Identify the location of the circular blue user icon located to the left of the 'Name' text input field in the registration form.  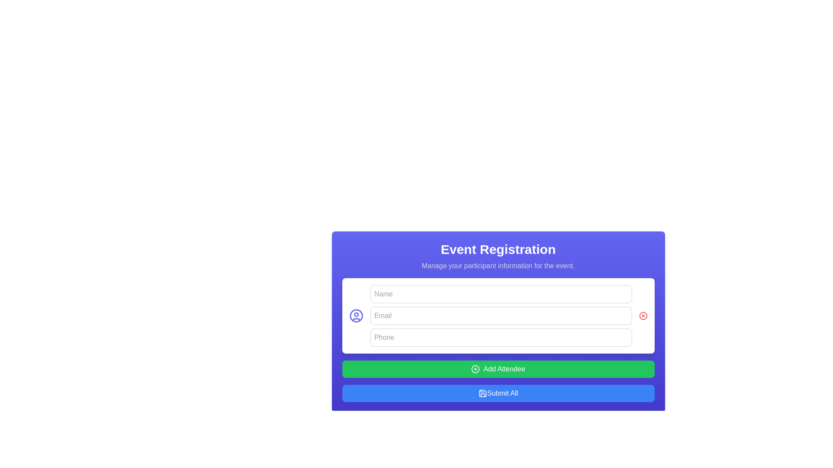
(356, 316).